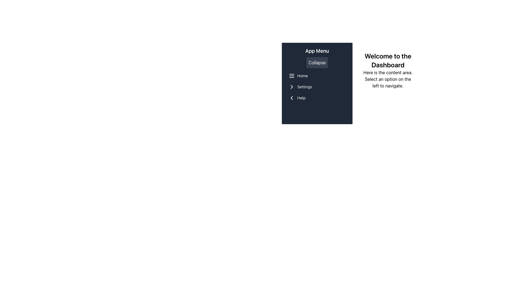 The width and height of the screenshot is (530, 298). Describe the element at coordinates (388, 60) in the screenshot. I see `text heading that says 'Welcome to the Dashboard', which is prominently displayed at the top of the main dashboard content area` at that location.